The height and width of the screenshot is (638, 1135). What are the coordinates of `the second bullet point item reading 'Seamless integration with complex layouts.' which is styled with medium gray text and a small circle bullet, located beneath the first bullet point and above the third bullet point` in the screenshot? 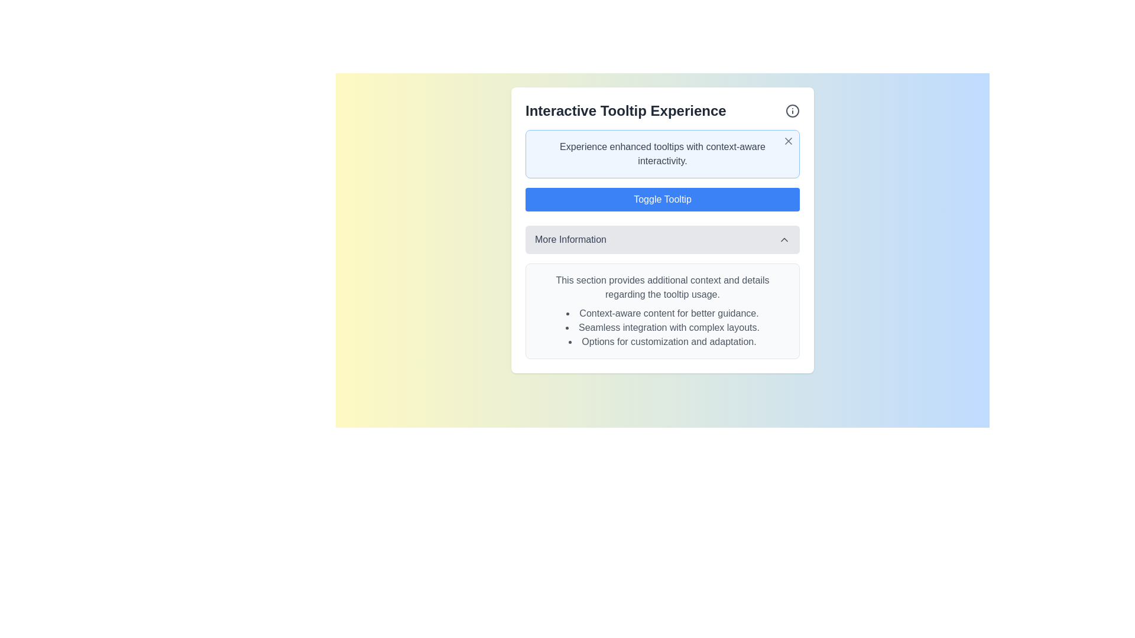 It's located at (663, 328).